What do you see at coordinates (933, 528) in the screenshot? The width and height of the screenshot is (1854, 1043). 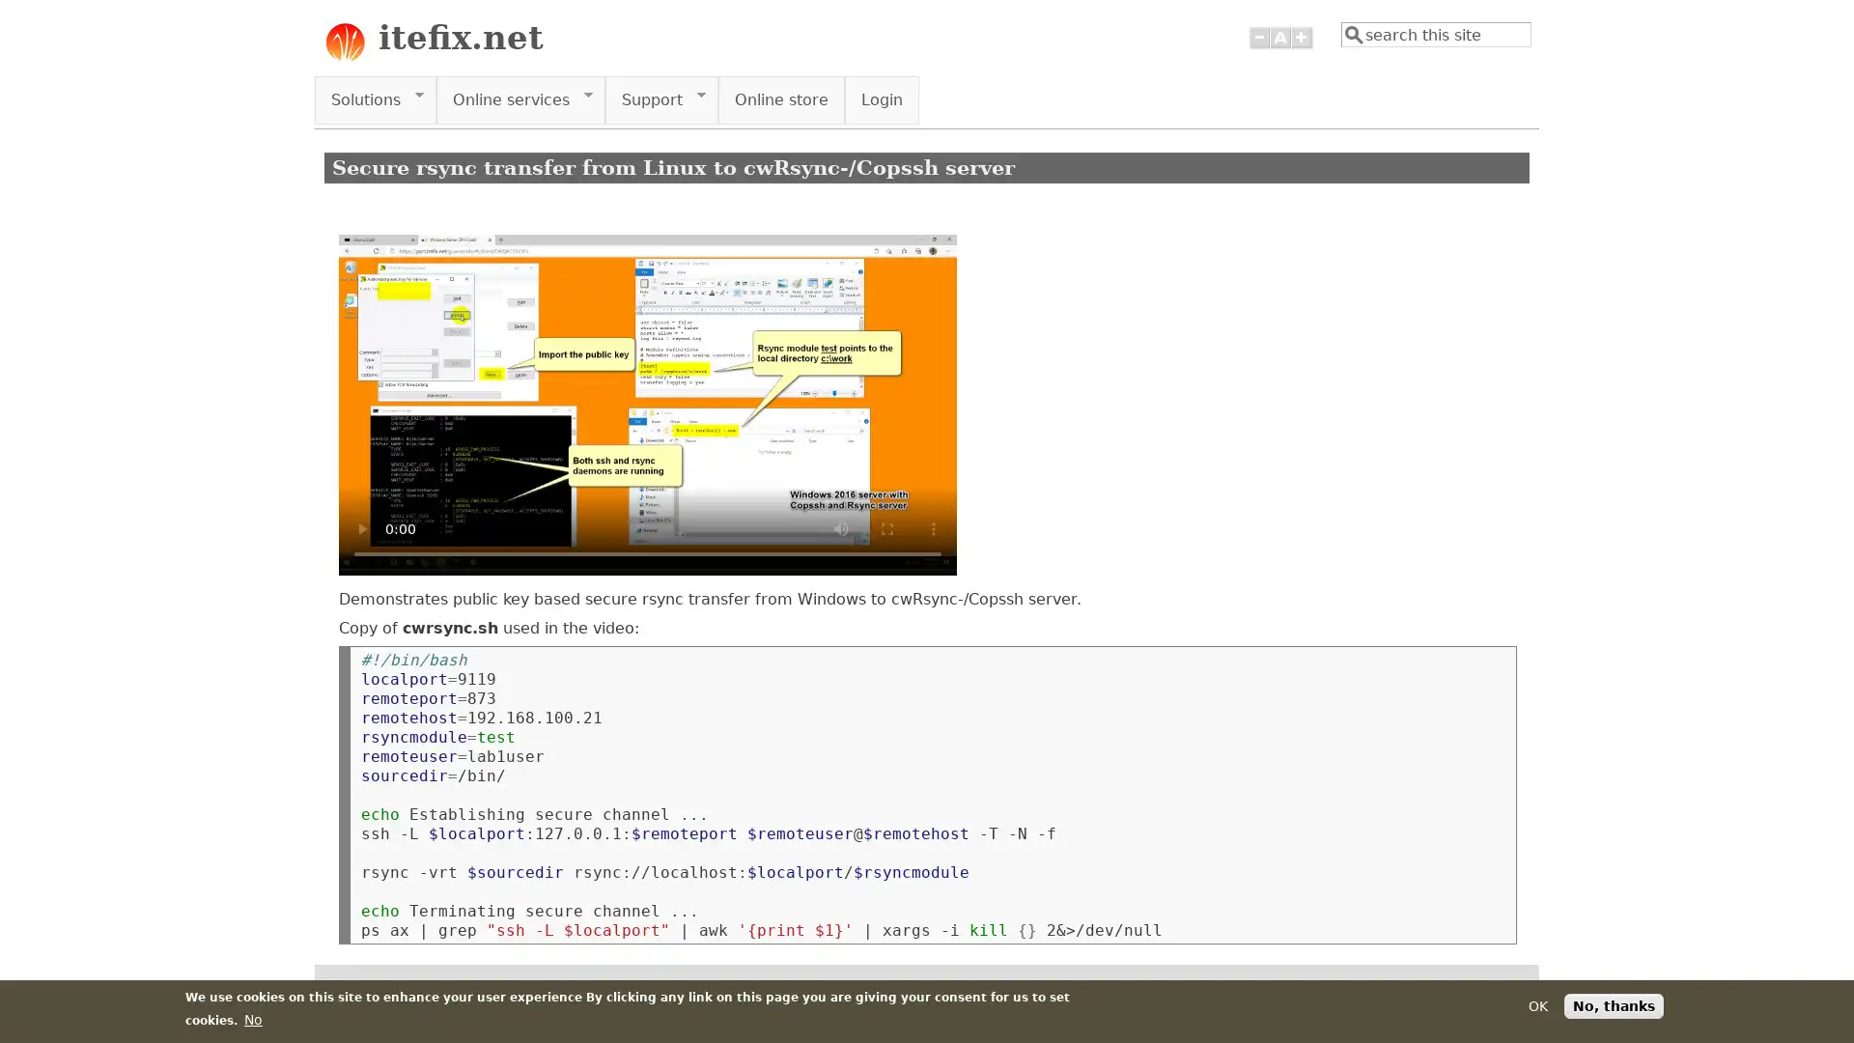 I see `show more media controls` at bounding box center [933, 528].